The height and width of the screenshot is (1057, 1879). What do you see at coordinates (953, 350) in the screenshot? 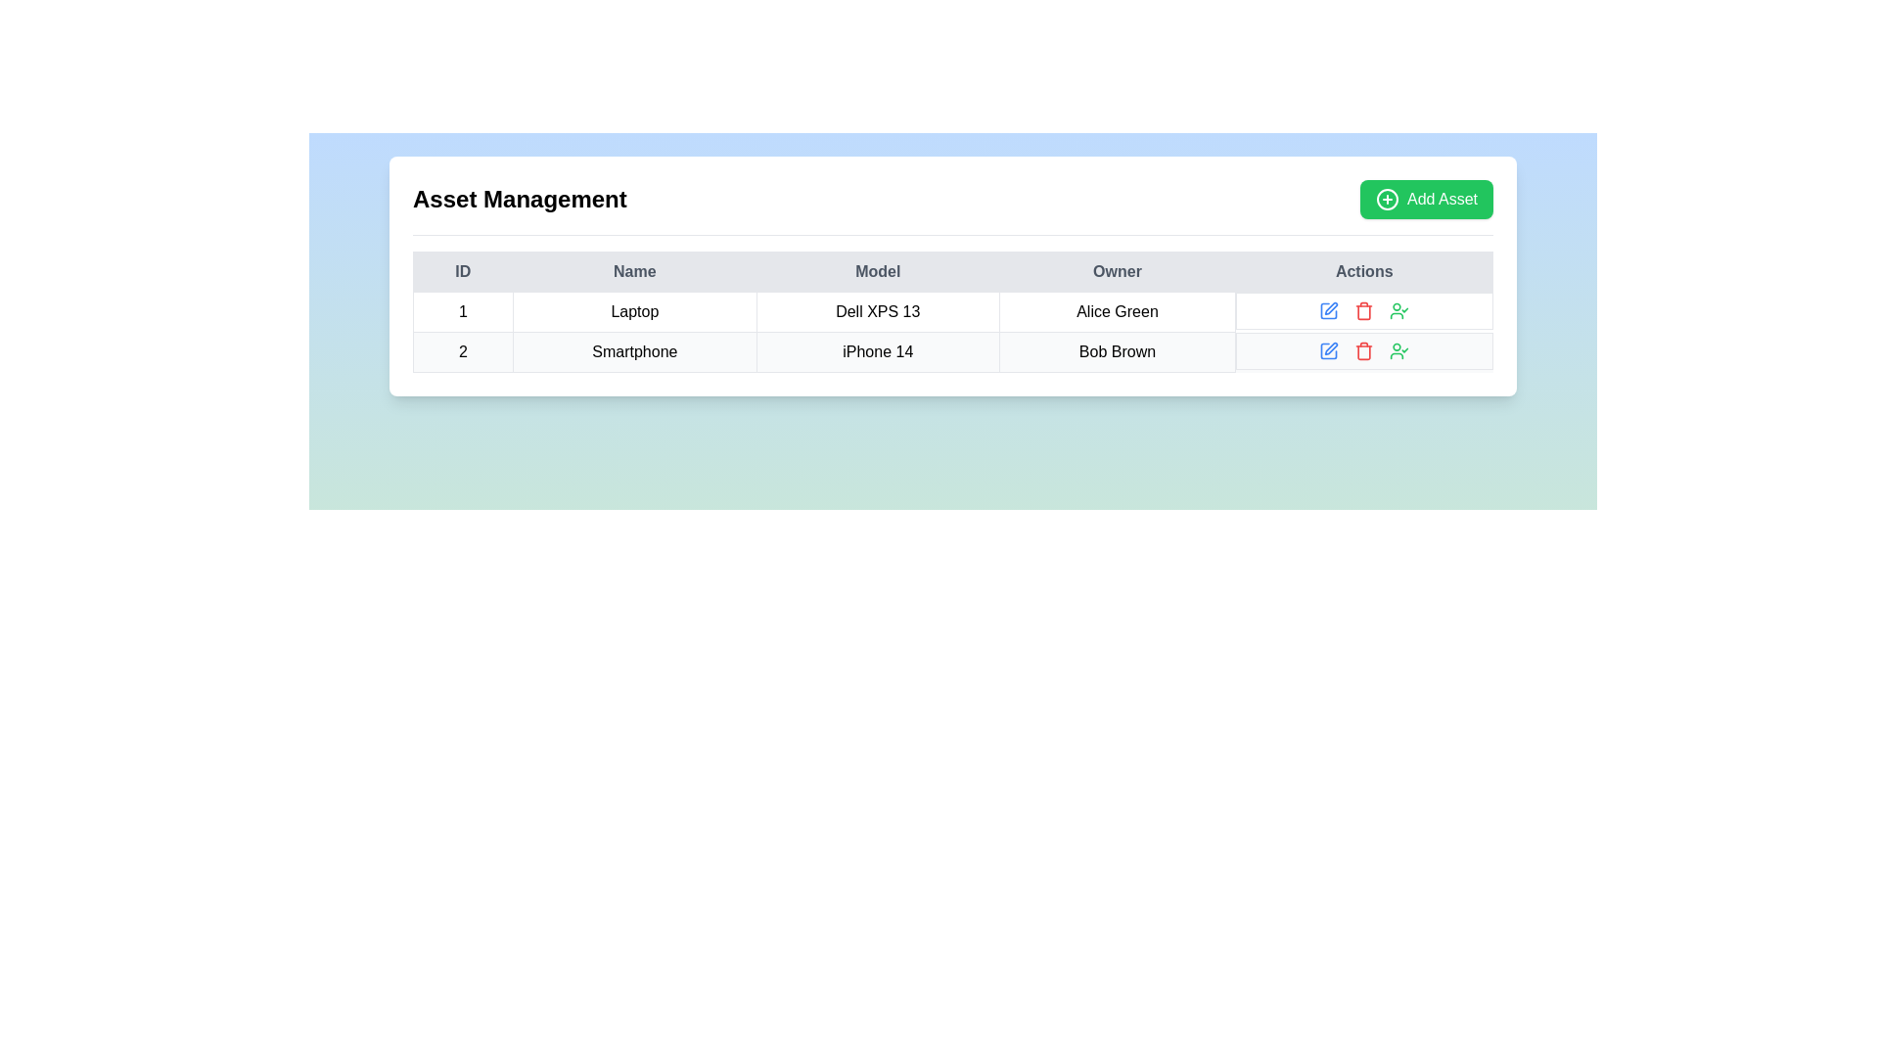
I see `the second row of the asset management table, which contains the fields '2', 'Smartphone', 'iPhone 14', and 'Bob Brown', to view its details` at bounding box center [953, 350].